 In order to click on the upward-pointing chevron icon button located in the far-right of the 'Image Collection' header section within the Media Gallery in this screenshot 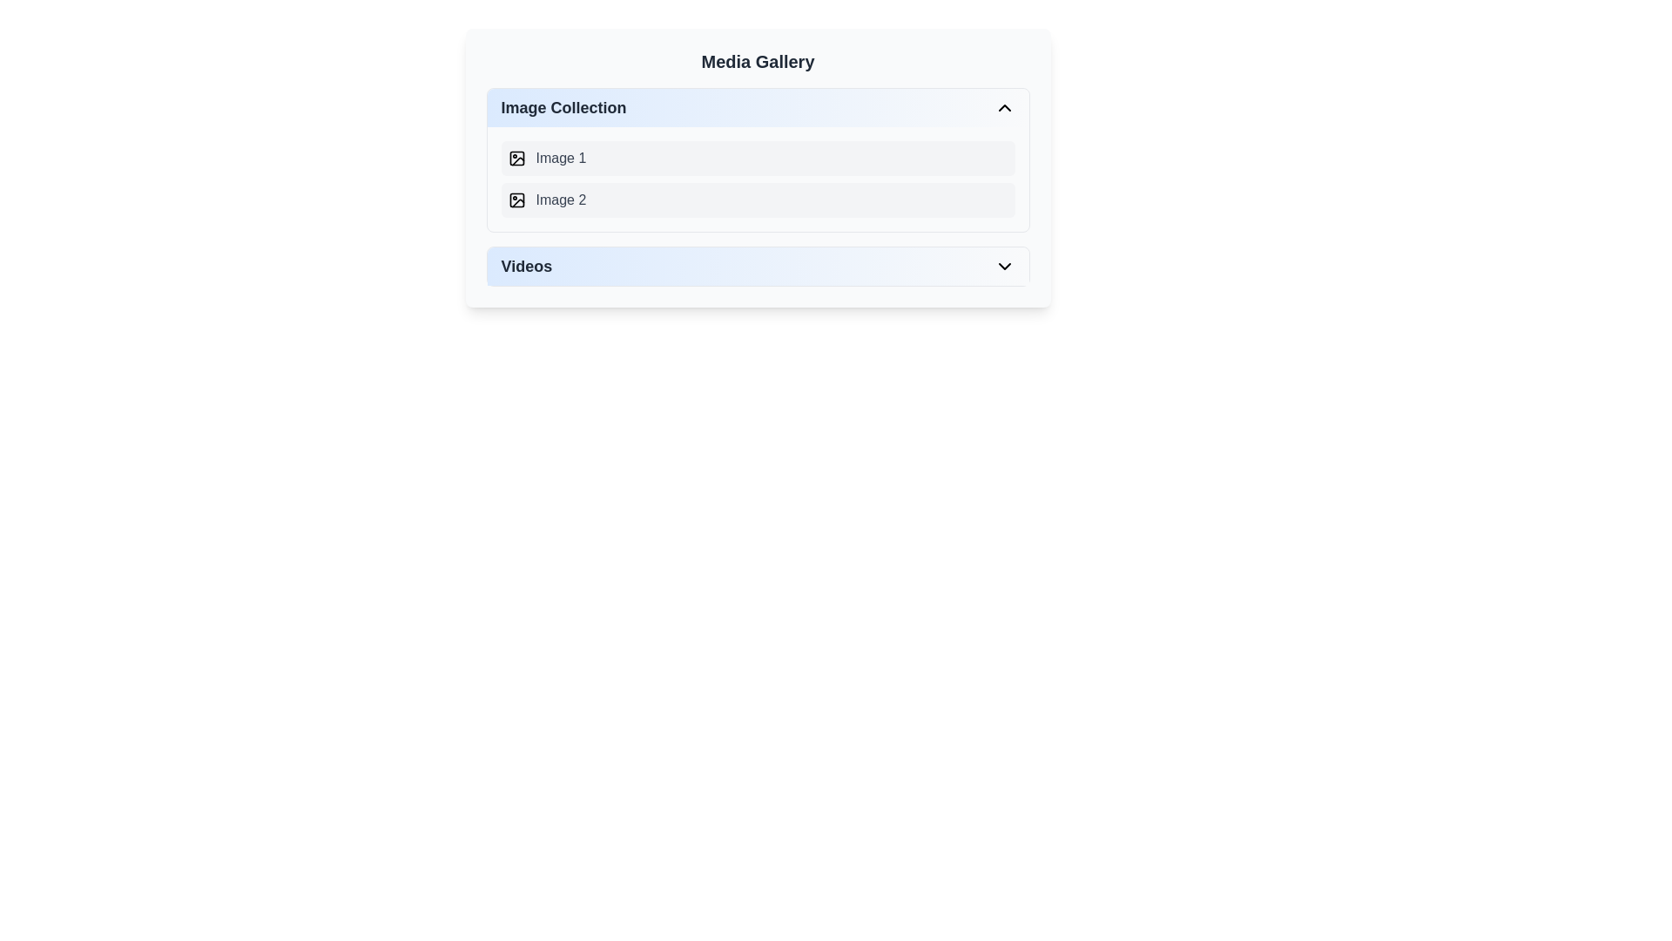, I will do `click(1004, 107)`.